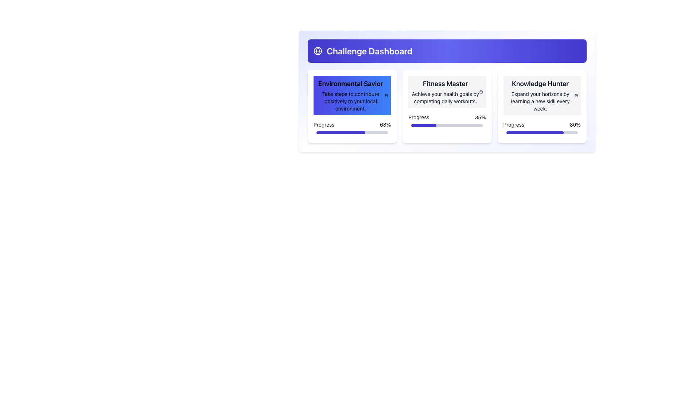 The height and width of the screenshot is (394, 700). I want to click on the static text label displaying '68%' that represents a percentage value in a progress tracking interface, located to the right of the text 'Progress' and above the progress bar, so click(385, 124).